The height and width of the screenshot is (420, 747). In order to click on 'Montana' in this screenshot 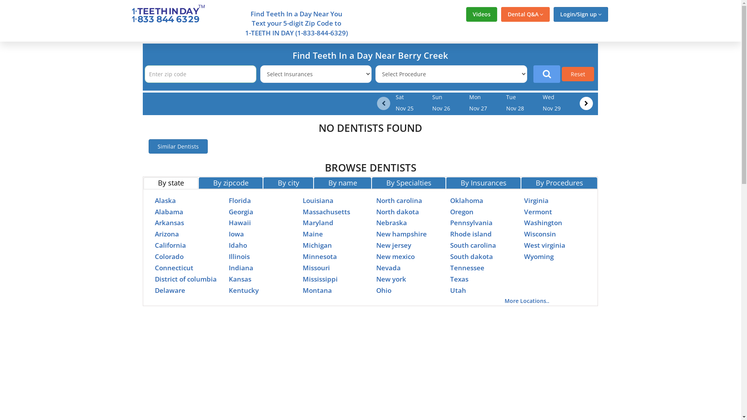, I will do `click(317, 290)`.